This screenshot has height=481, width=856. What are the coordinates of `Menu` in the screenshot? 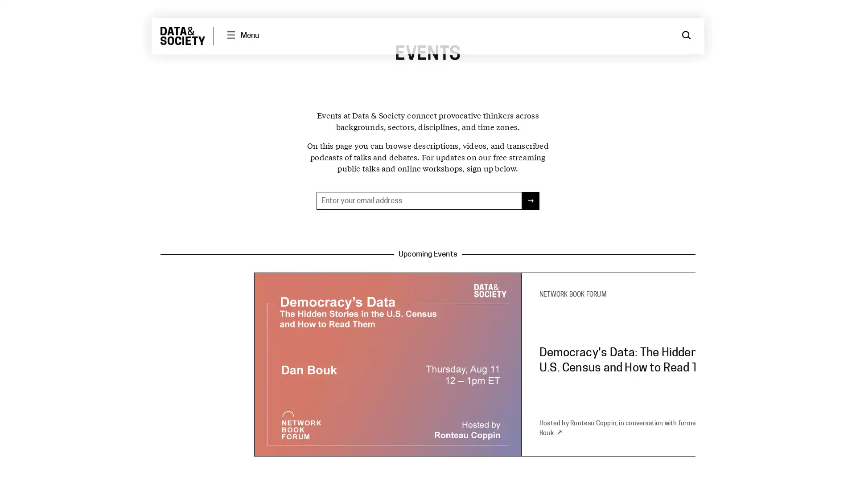 It's located at (242, 35).